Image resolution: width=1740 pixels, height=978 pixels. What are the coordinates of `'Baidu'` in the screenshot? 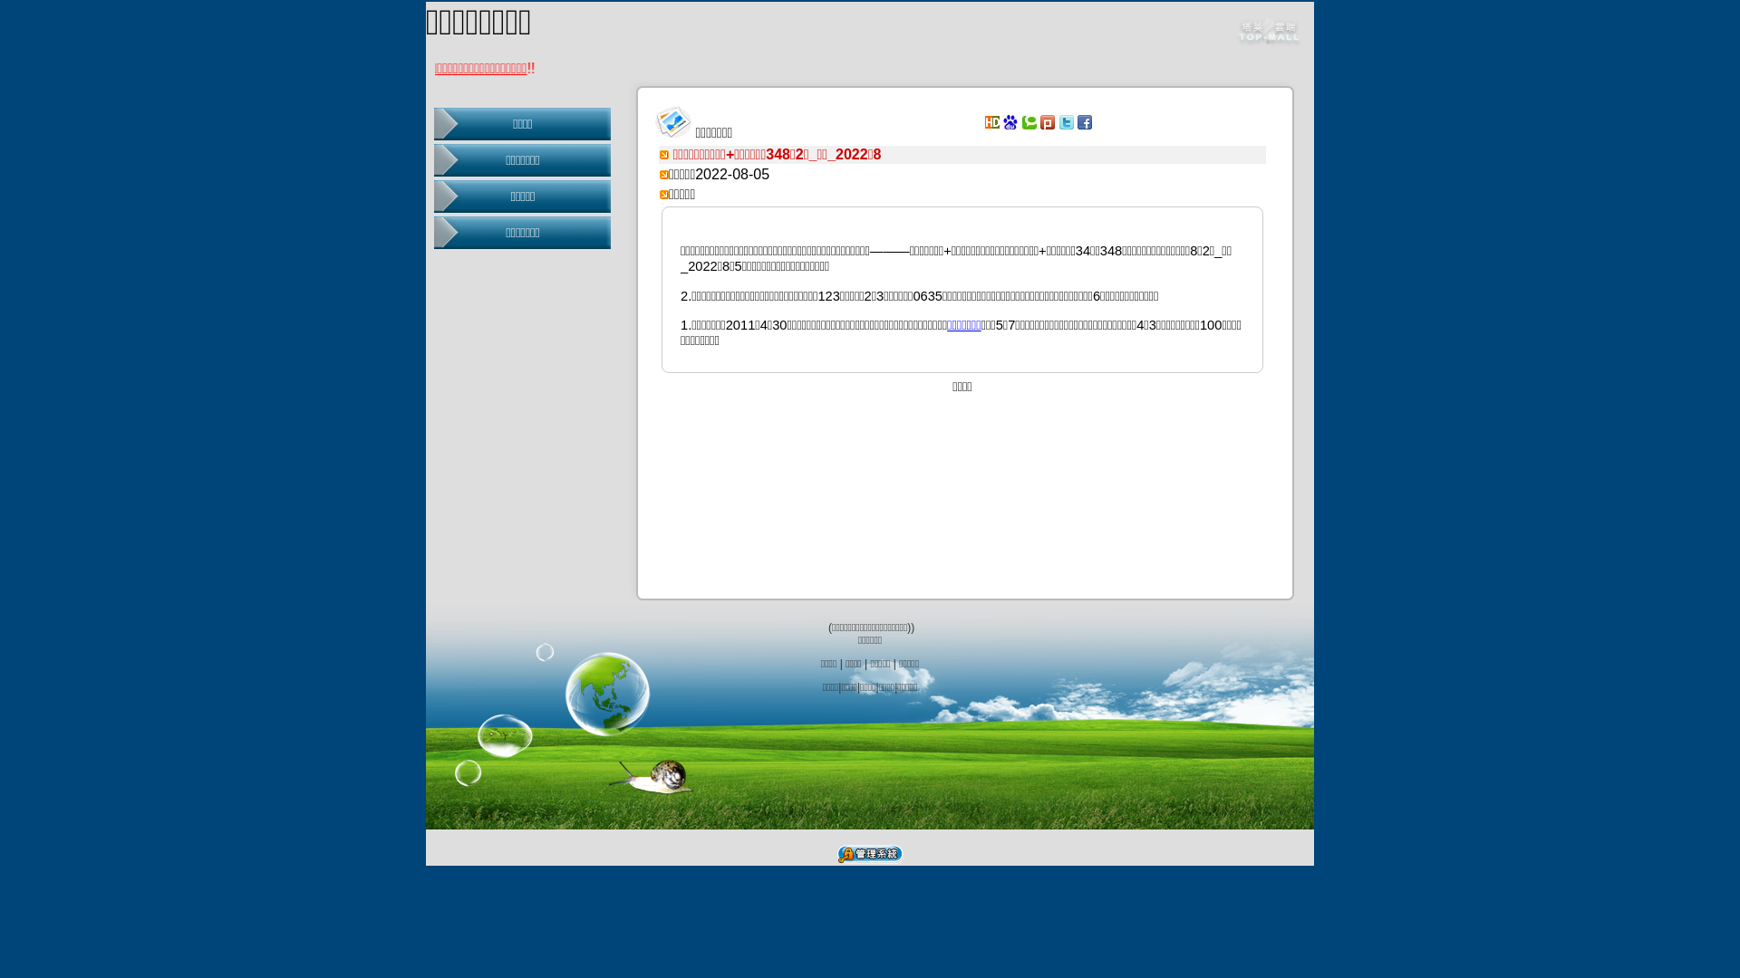 It's located at (1002, 121).